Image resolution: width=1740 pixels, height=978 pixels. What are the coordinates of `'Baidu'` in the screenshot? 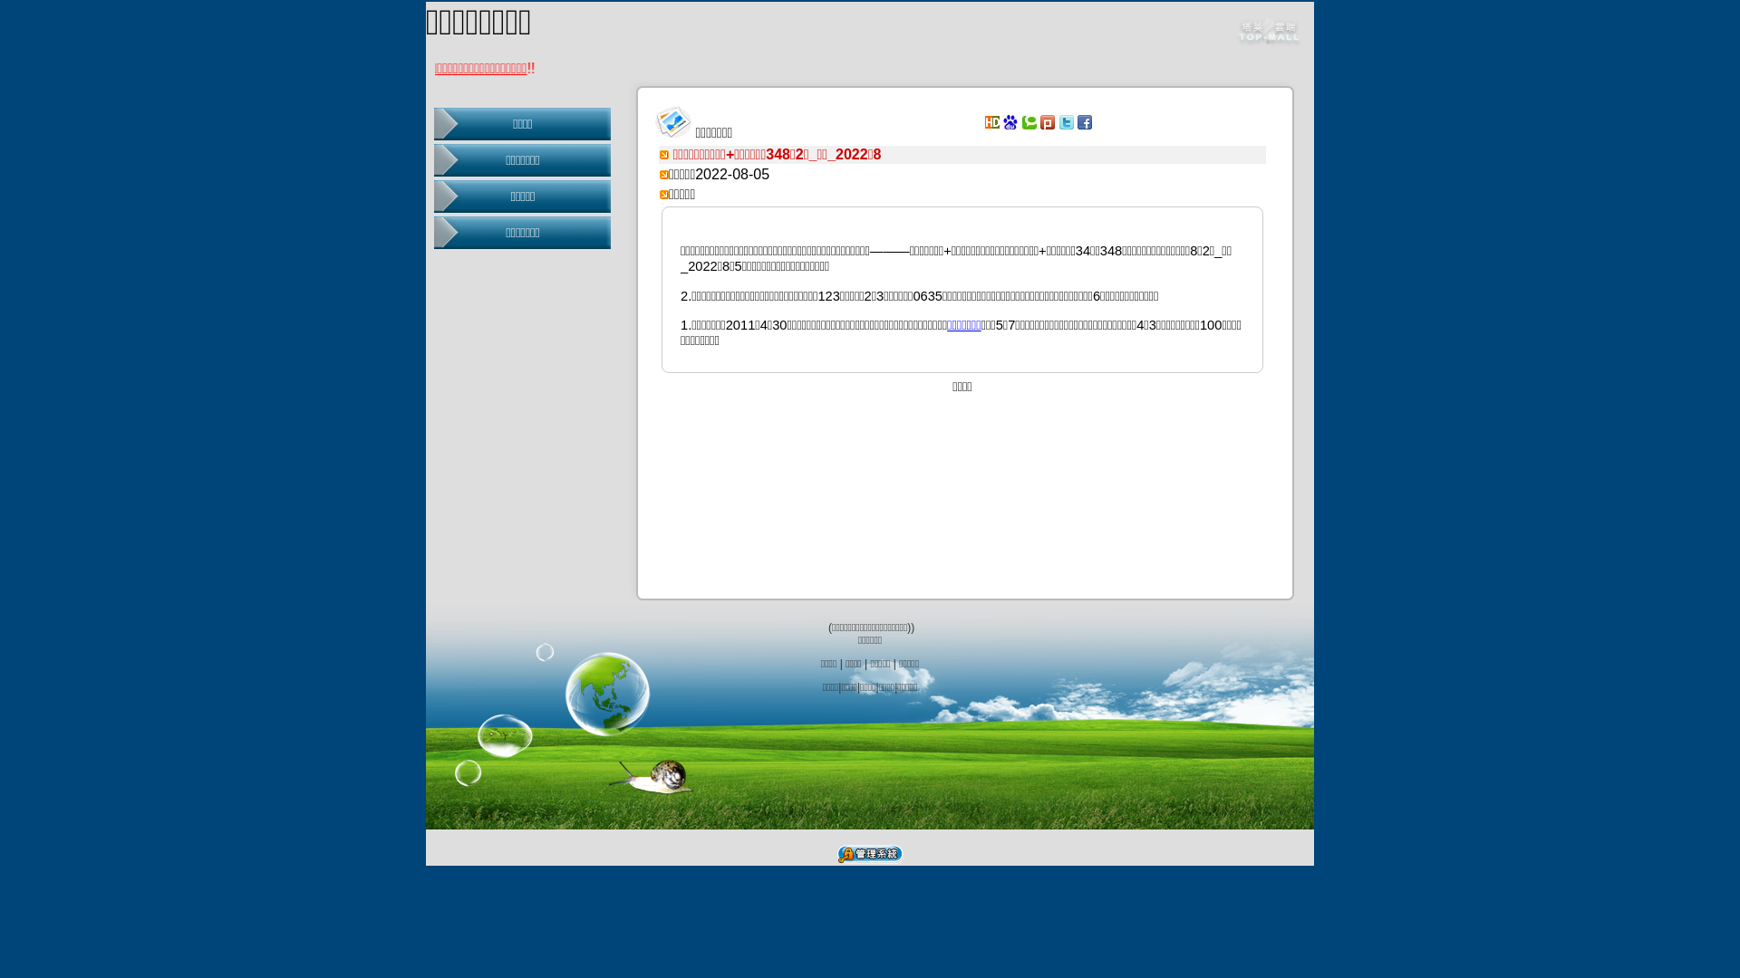 It's located at (1002, 121).